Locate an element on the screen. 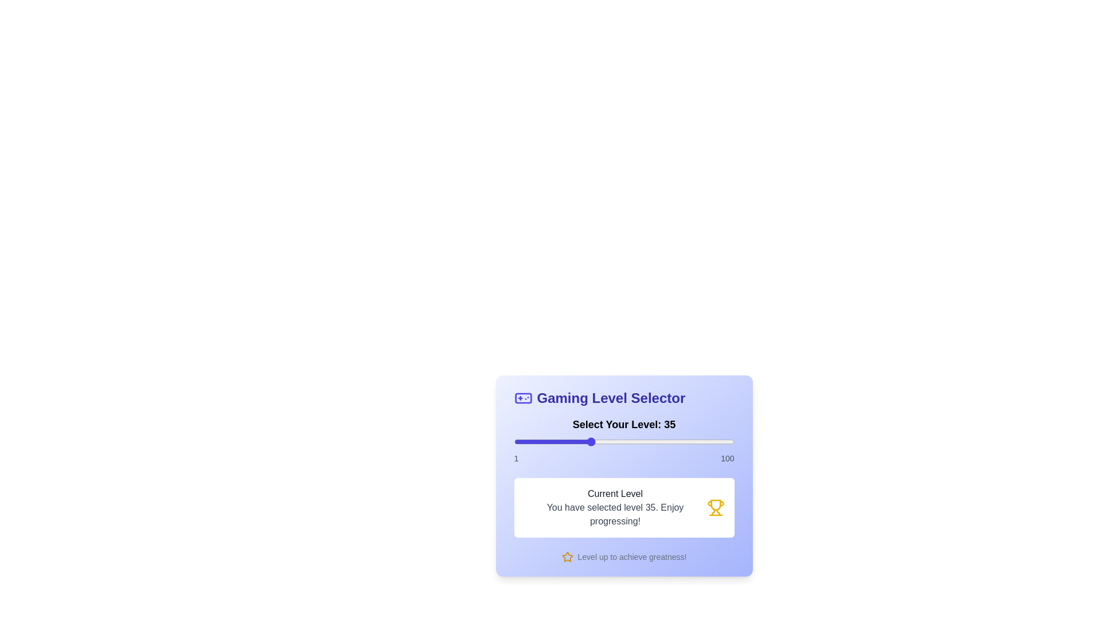 This screenshot has height=619, width=1101. the level is located at coordinates (613, 441).